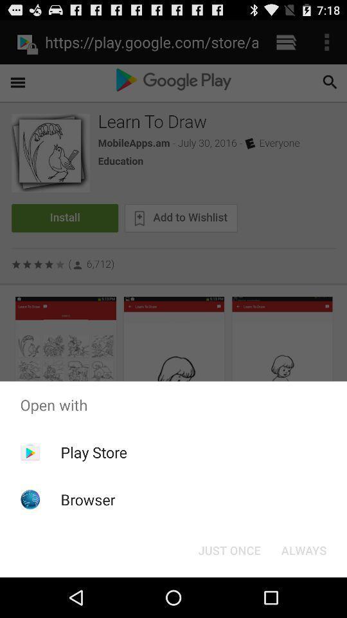  Describe the element at coordinates (303, 549) in the screenshot. I see `icon at the bottom right corner` at that location.